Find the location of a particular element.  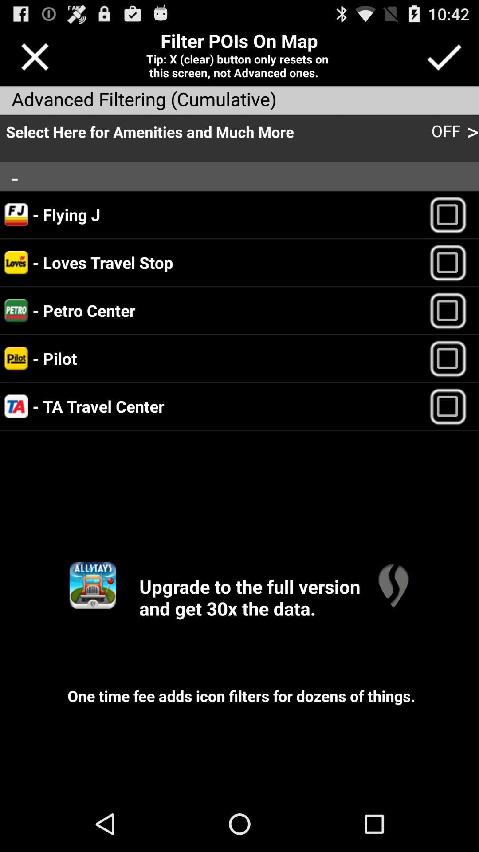

the logo of pilot is located at coordinates (16, 358).